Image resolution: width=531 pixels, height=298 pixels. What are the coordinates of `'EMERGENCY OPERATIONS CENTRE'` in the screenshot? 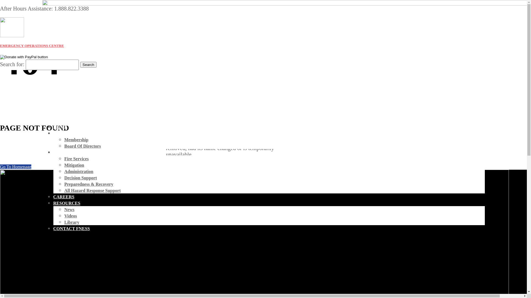 It's located at (32, 45).